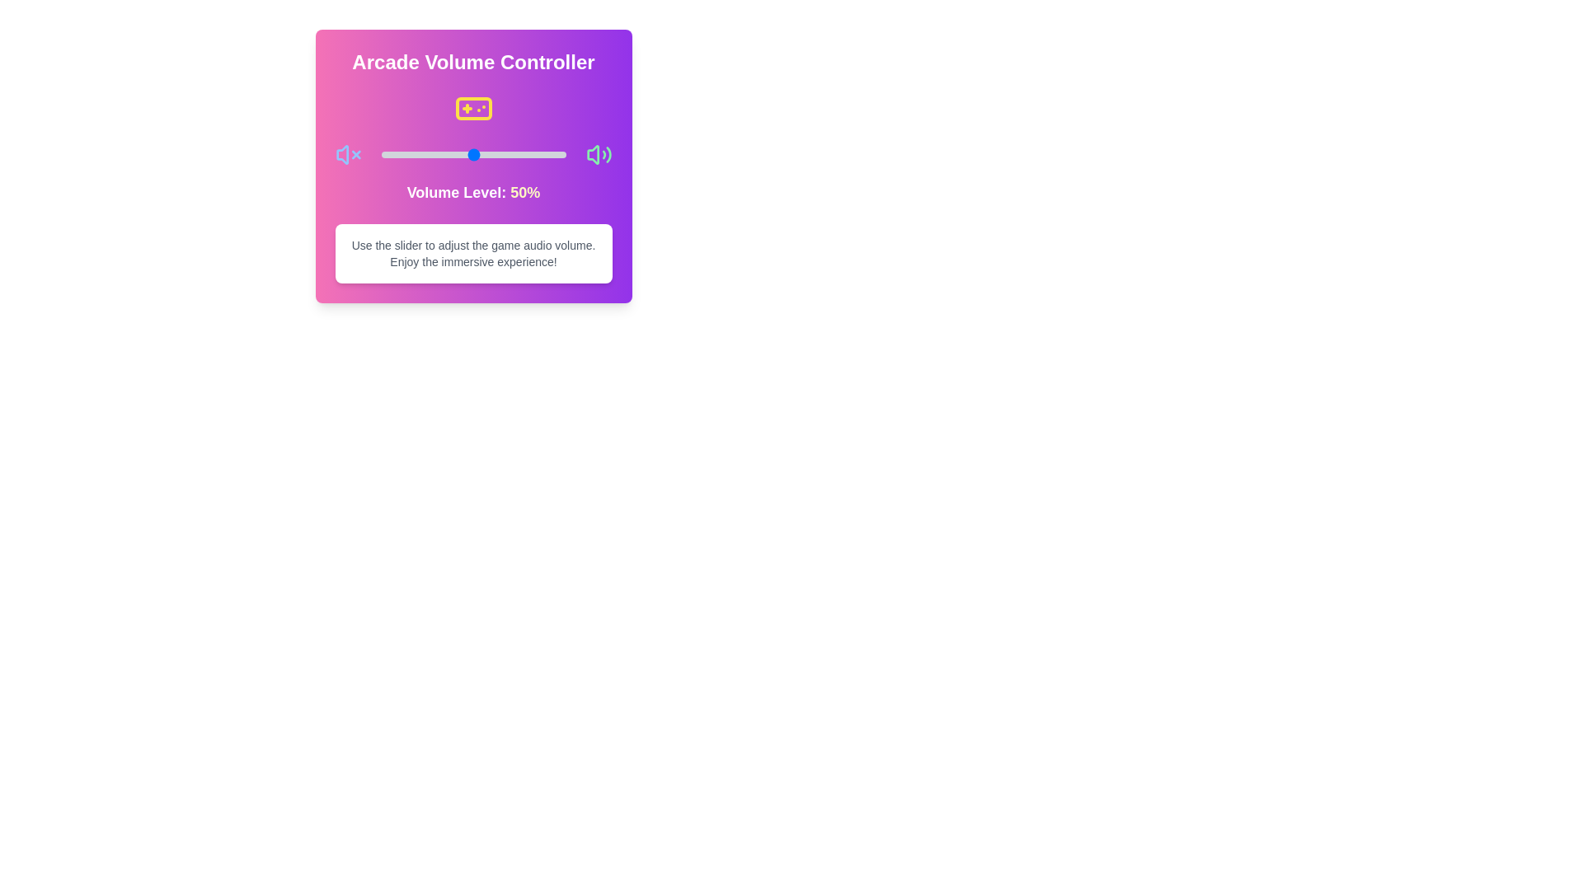  Describe the element at coordinates (493, 155) in the screenshot. I see `the volume to 61% by dragging the slider` at that location.